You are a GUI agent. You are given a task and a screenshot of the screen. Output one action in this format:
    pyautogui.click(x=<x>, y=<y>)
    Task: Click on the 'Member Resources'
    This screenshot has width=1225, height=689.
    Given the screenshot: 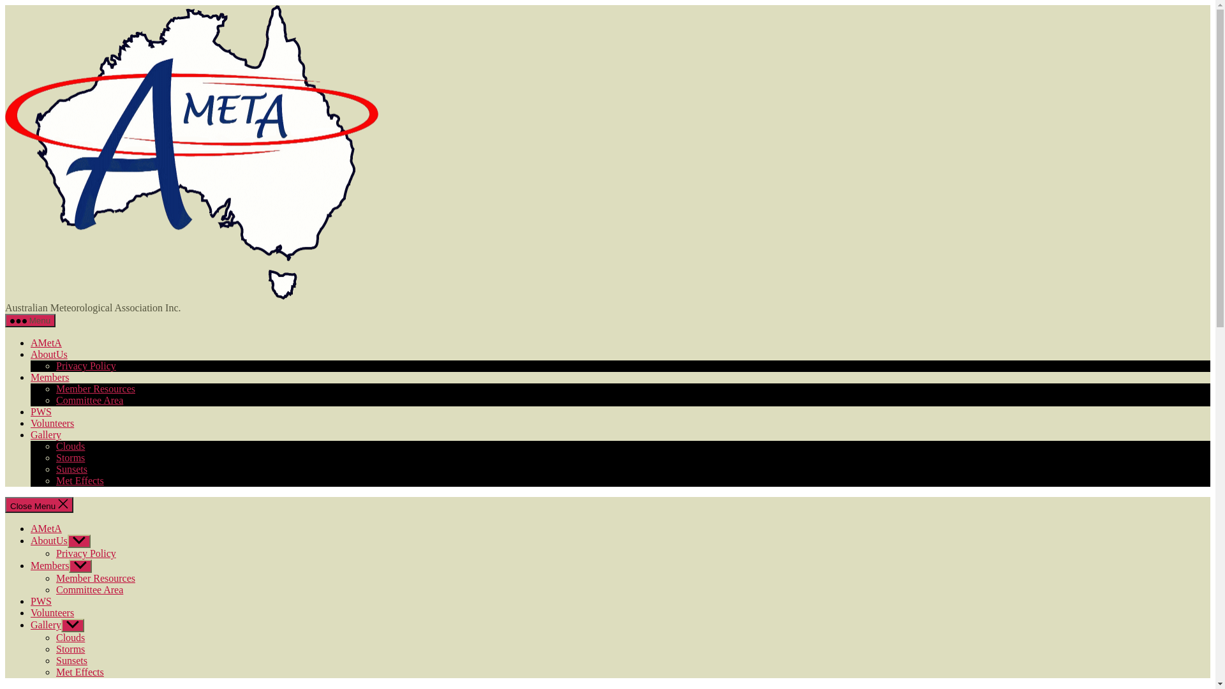 What is the action you would take?
    pyautogui.click(x=55, y=388)
    